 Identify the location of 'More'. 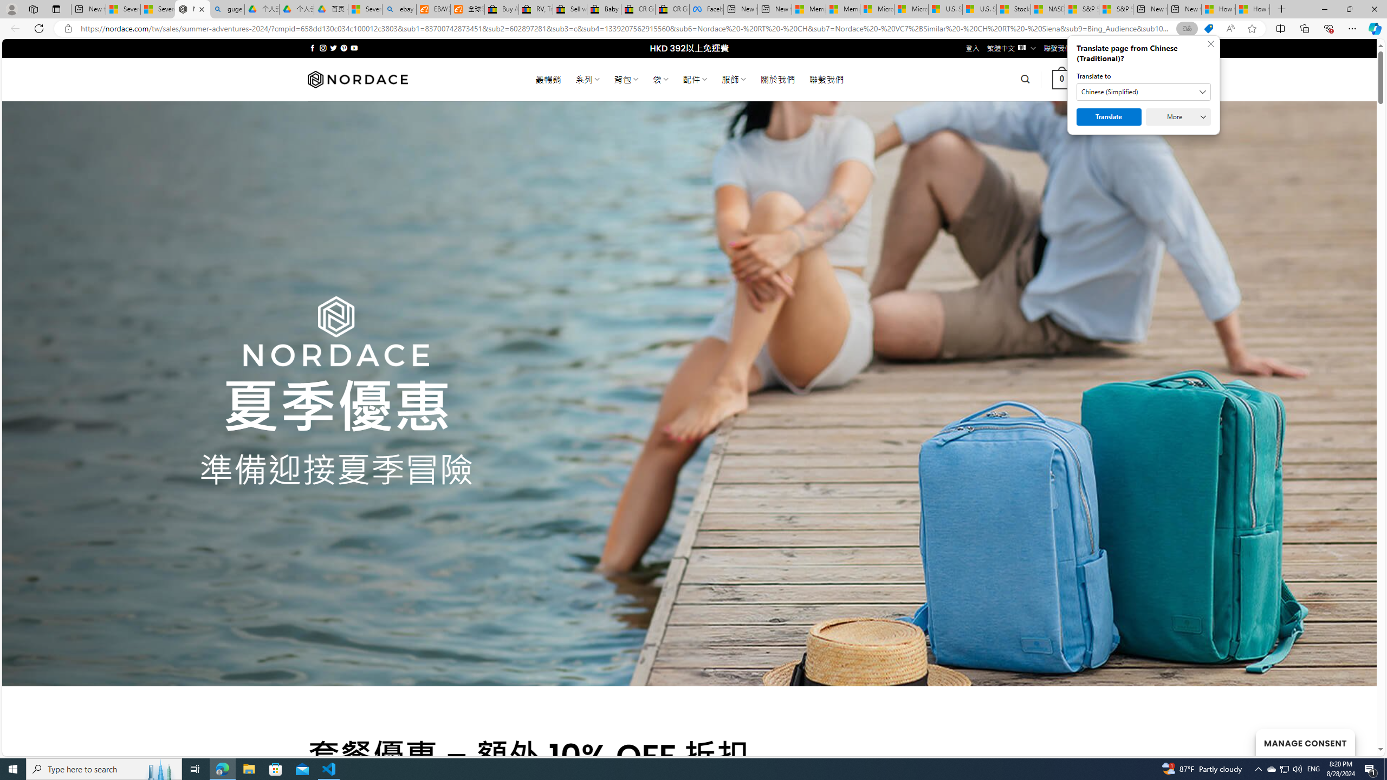
(1177, 116).